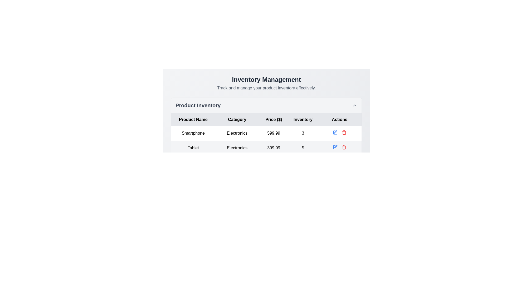 The height and width of the screenshot is (284, 506). What do you see at coordinates (339, 132) in the screenshot?
I see `the action buttons (edit and delete) located in the last cell of the first row under the 'Actions' column to change their colors` at bounding box center [339, 132].